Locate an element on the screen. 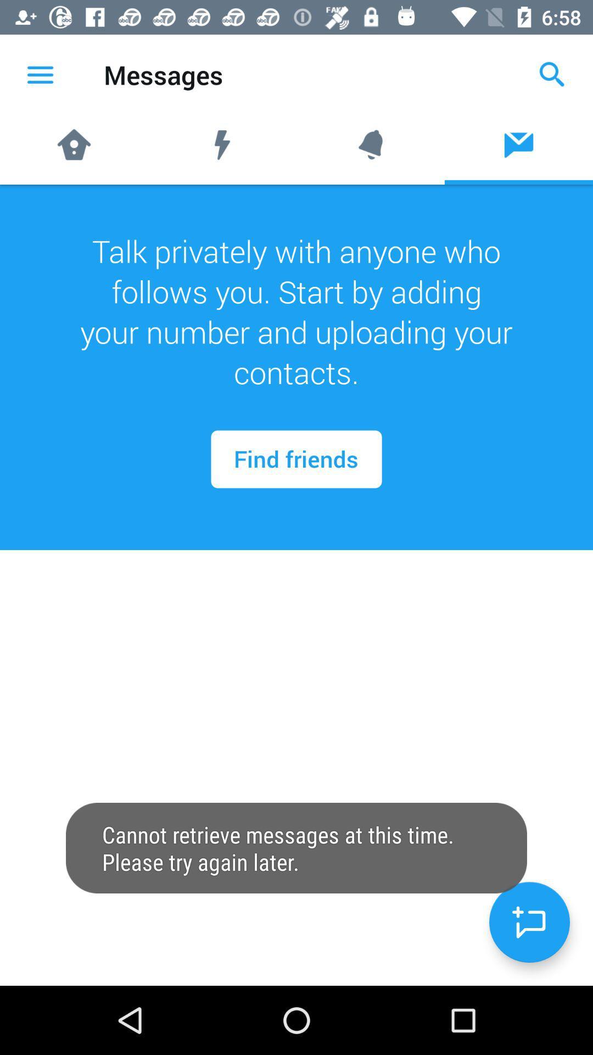  the chat icon is located at coordinates (529, 922).